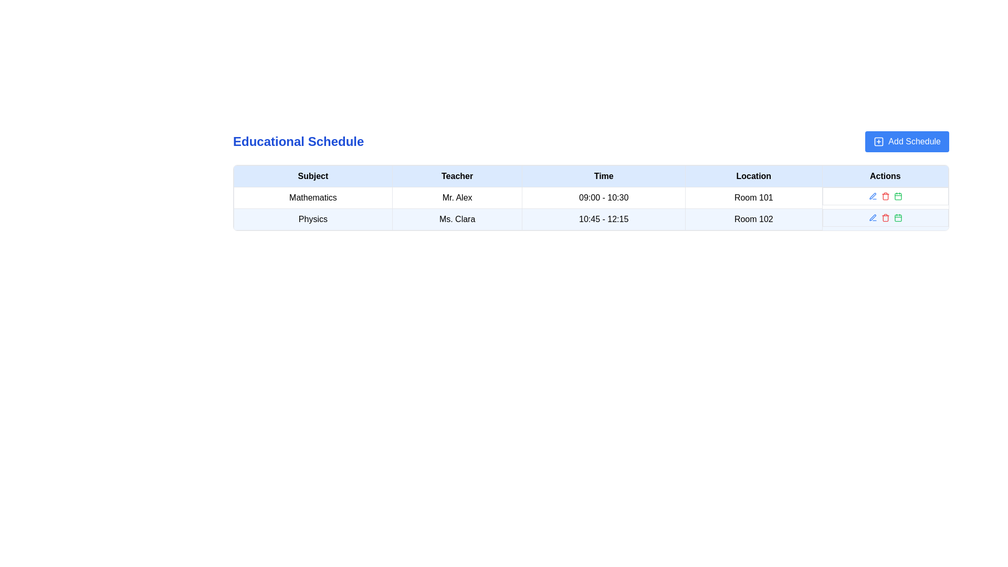 Image resolution: width=1008 pixels, height=567 pixels. What do you see at coordinates (753, 175) in the screenshot?
I see `the TableHeaderCell that serves as the header for the 'Location' column in the table, which is centrally aligned and positioned between 'Time' and 'Actions'` at bounding box center [753, 175].